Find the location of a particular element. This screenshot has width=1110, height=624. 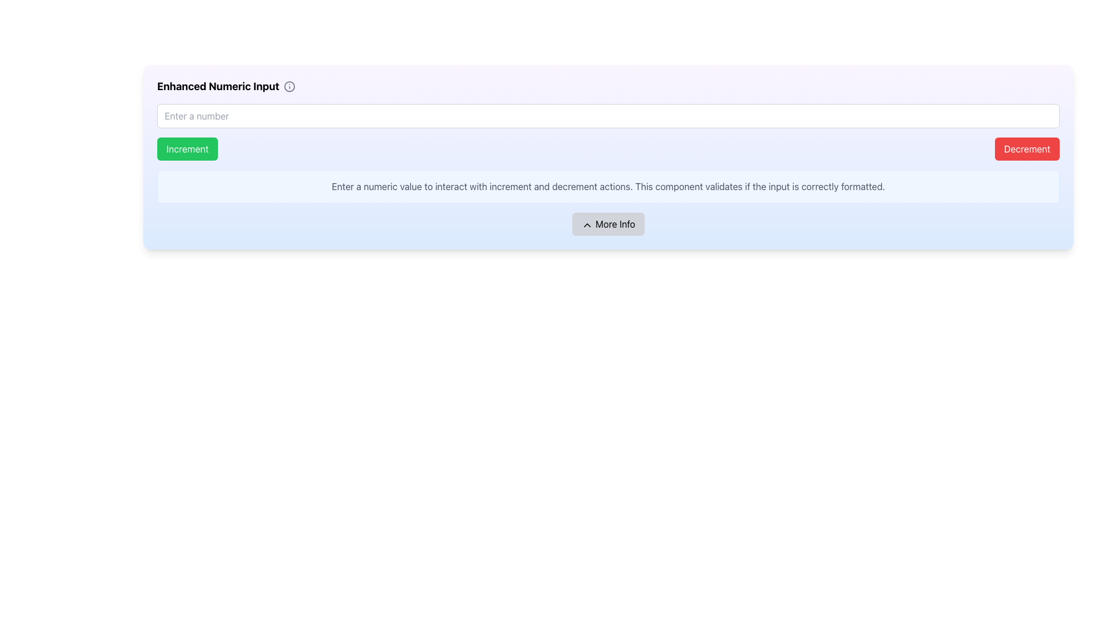

the 'Decrement' button, which is located on the far right of the horizontal layout of buttons, to observe the hover effect is located at coordinates (1027, 148).